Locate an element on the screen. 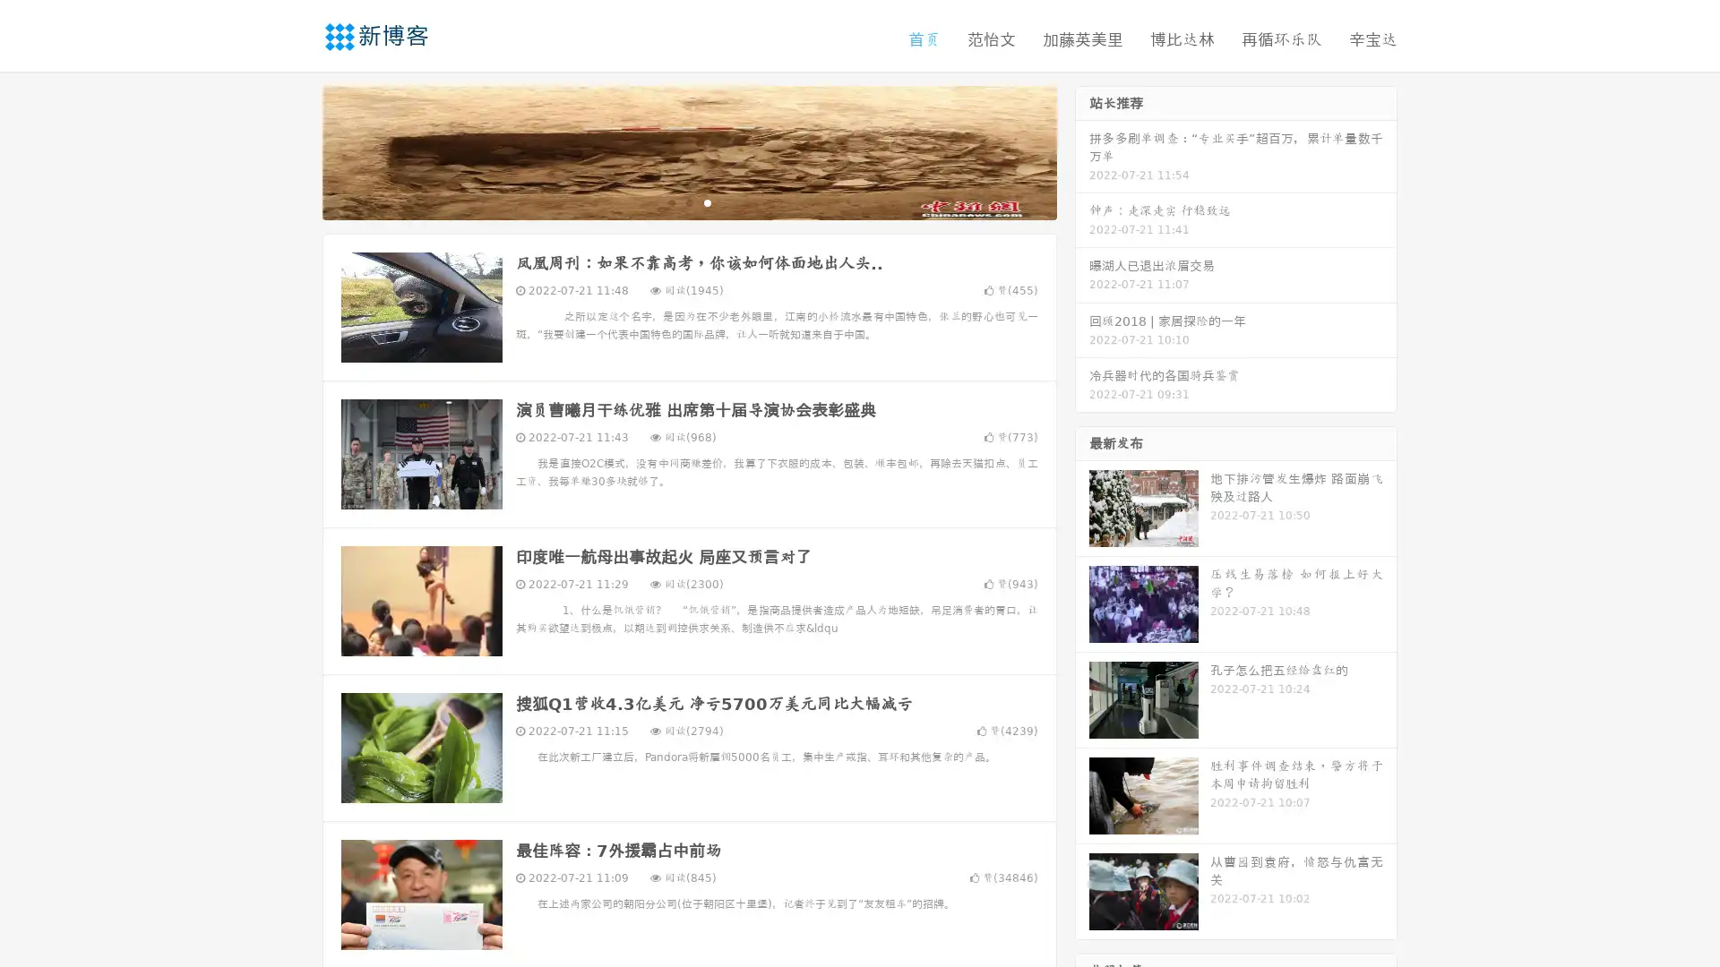  Go to slide 3 is located at coordinates (707, 201).